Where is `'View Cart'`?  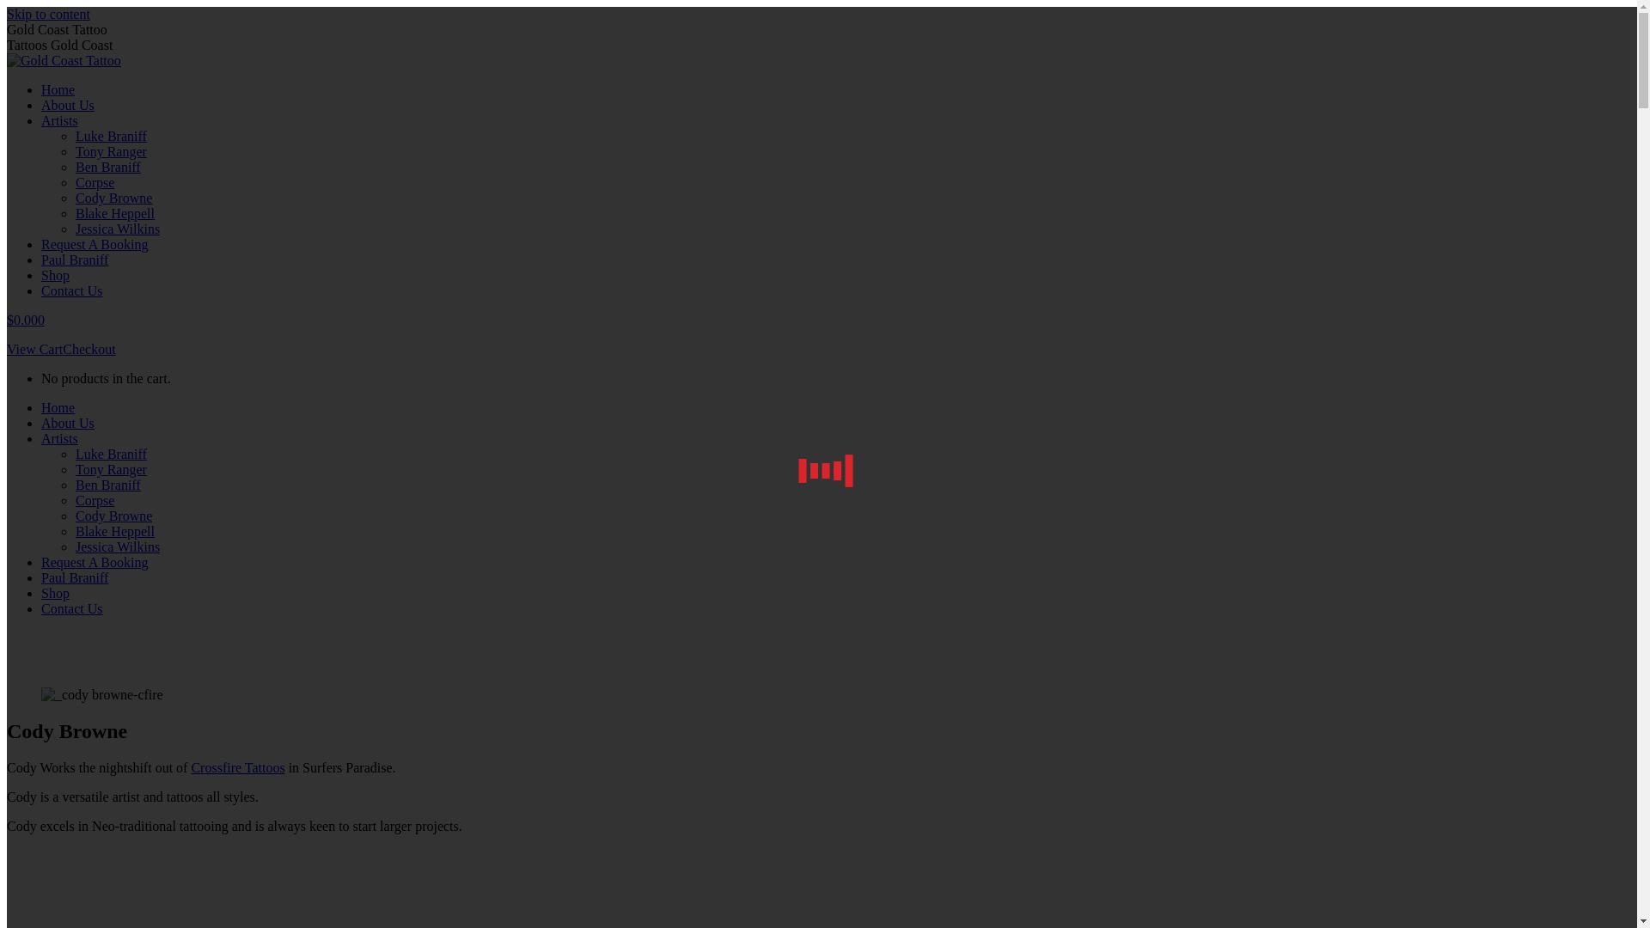
'View Cart' is located at coordinates (34, 348).